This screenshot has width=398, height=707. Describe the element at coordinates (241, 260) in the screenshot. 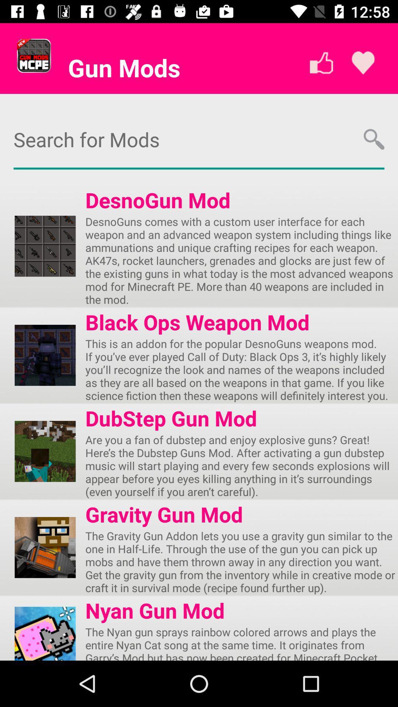

I see `the desnoguns comes with app` at that location.